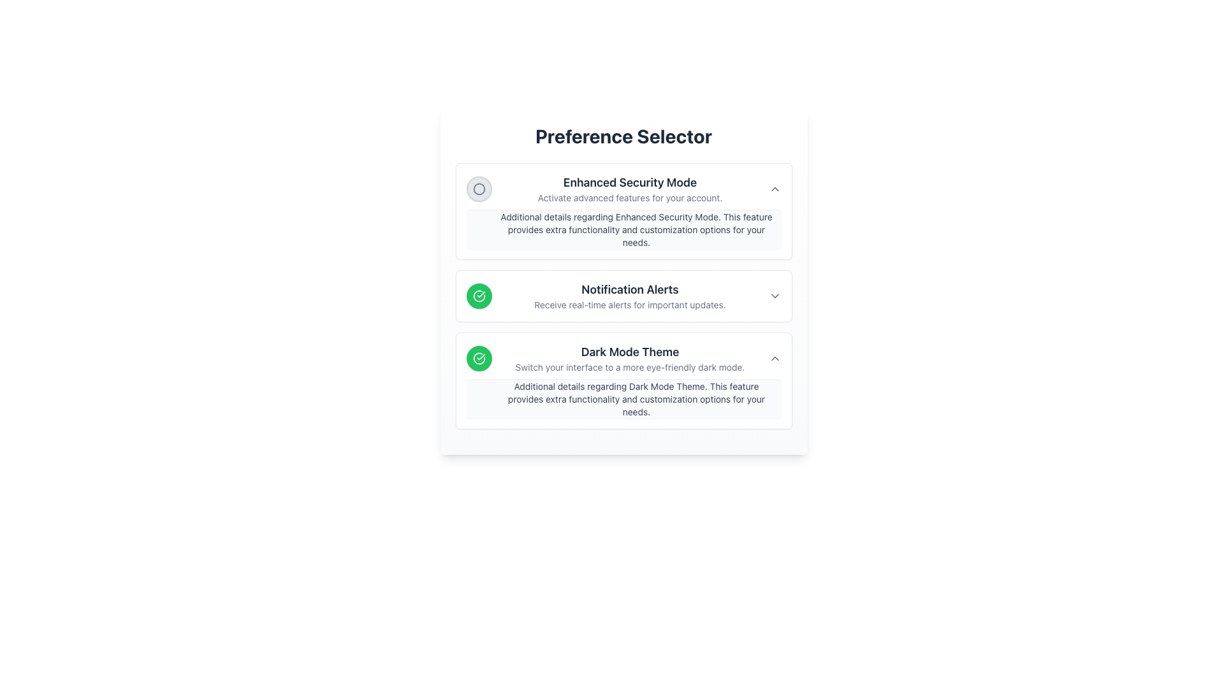 Image resolution: width=1224 pixels, height=688 pixels. Describe the element at coordinates (630, 189) in the screenshot. I see `the text block that provides information about the 'Enhanced Security Mode' feature in the settings menu` at that location.